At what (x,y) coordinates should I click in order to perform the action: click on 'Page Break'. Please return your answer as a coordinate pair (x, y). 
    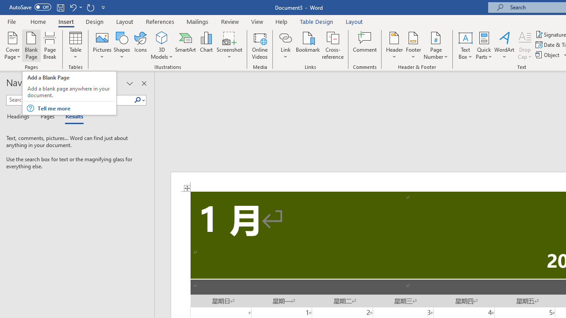
    Looking at the image, I should click on (50, 45).